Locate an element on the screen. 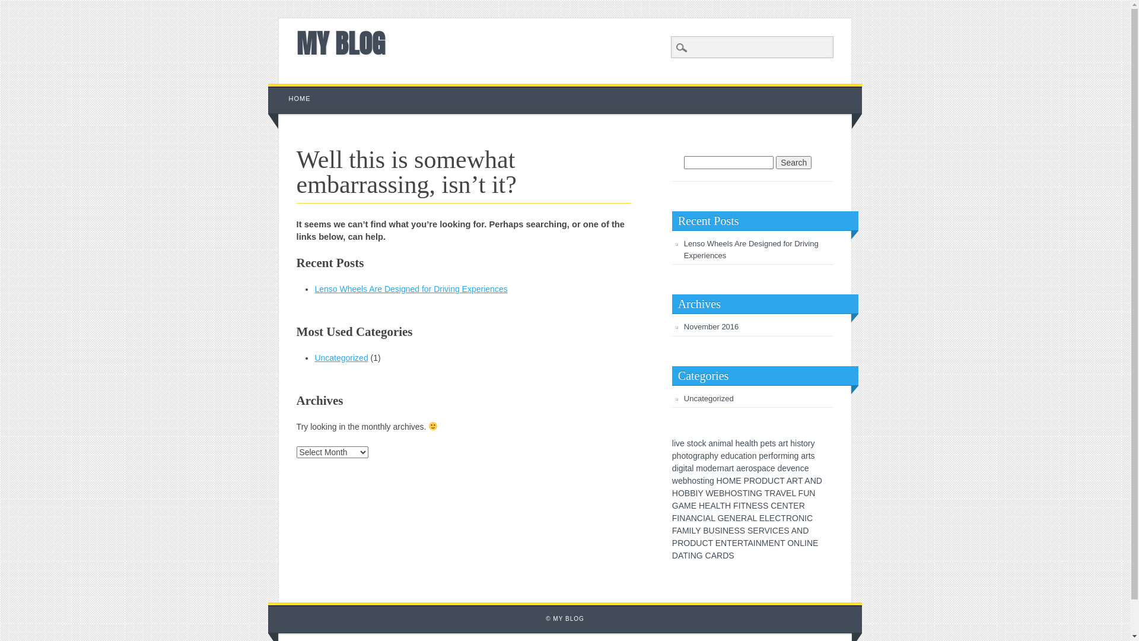 The image size is (1139, 641). 'I' is located at coordinates (695, 493).